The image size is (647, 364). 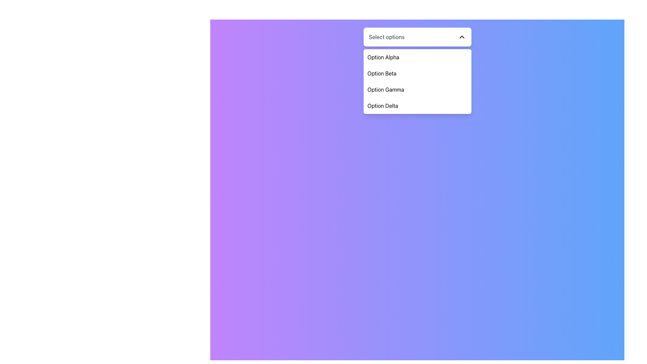 I want to click on the text label 'Option Beta' in the dropdown menu, so click(x=381, y=73).